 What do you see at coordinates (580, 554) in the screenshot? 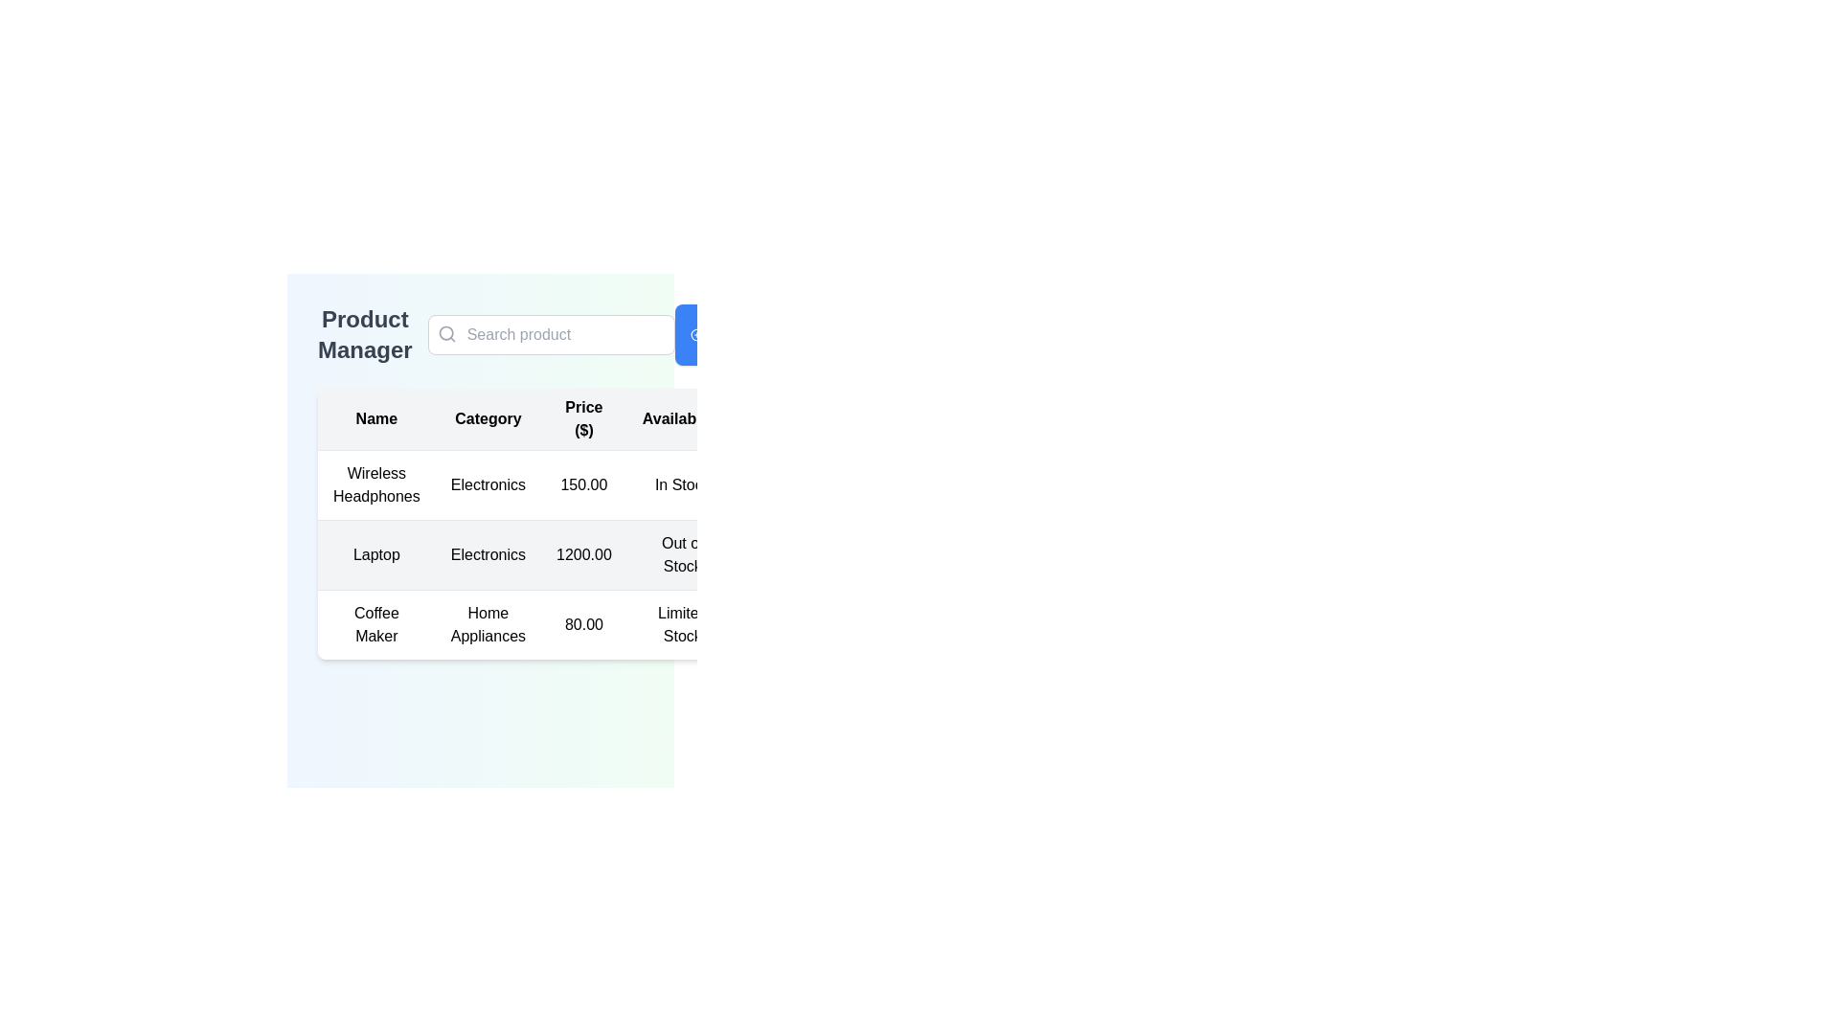
I see `the individual cells of the second row in the table displaying information about the 'Laptop' product, which has a light gray background and includes columns for Name, Category, Price, and Availability` at bounding box center [580, 554].